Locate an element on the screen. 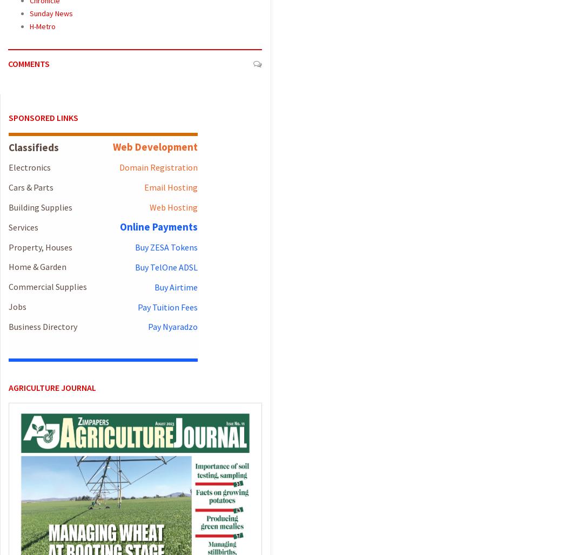 This screenshot has width=564, height=555. 'Pay Tuition Fees' is located at coordinates (167, 306).